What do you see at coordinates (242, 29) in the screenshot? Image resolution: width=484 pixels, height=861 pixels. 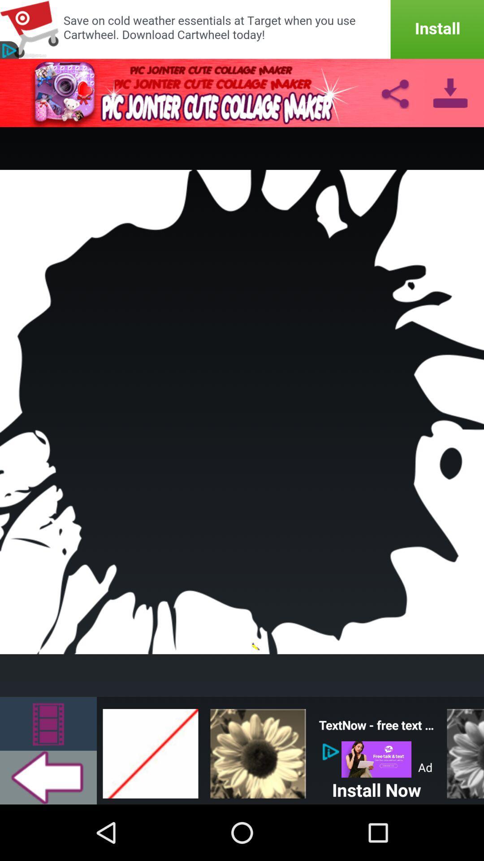 I see `press target advertisement` at bounding box center [242, 29].